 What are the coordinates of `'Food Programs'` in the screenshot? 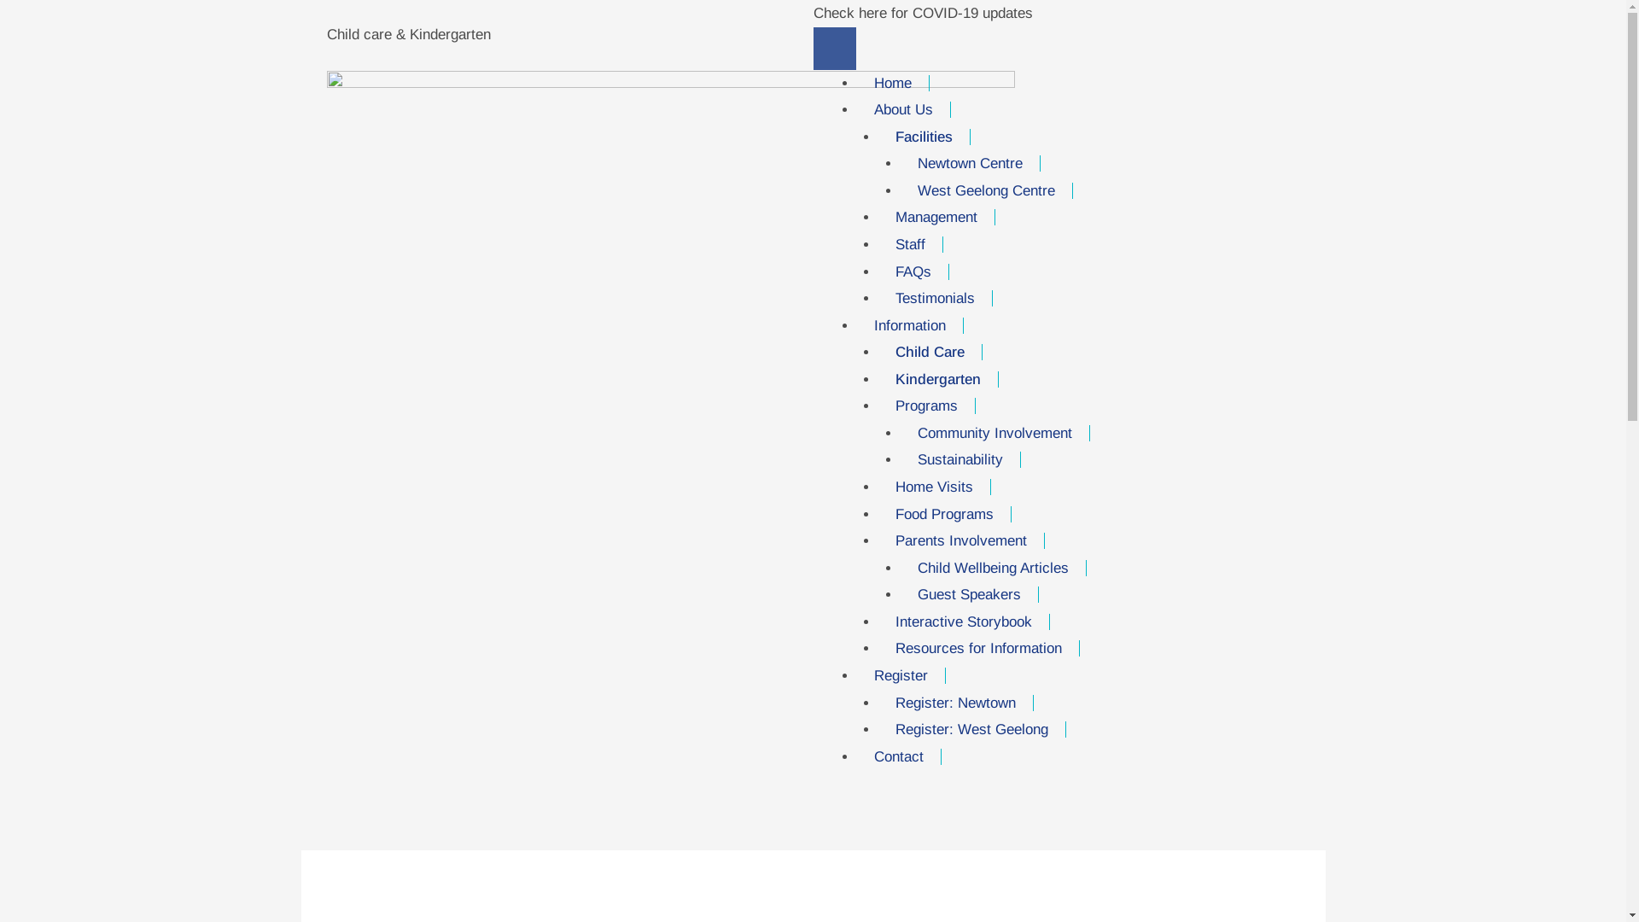 It's located at (944, 513).